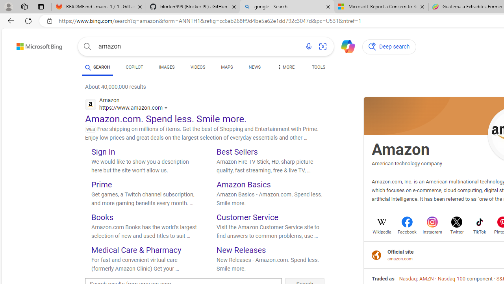 The height and width of the screenshot is (284, 504). I want to click on 'AMZN', so click(426, 278).